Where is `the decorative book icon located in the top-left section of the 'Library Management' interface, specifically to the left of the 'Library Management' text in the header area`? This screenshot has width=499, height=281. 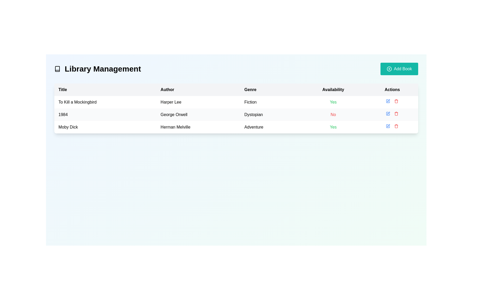 the decorative book icon located in the top-left section of the 'Library Management' interface, specifically to the left of the 'Library Management' text in the header area is located at coordinates (57, 69).